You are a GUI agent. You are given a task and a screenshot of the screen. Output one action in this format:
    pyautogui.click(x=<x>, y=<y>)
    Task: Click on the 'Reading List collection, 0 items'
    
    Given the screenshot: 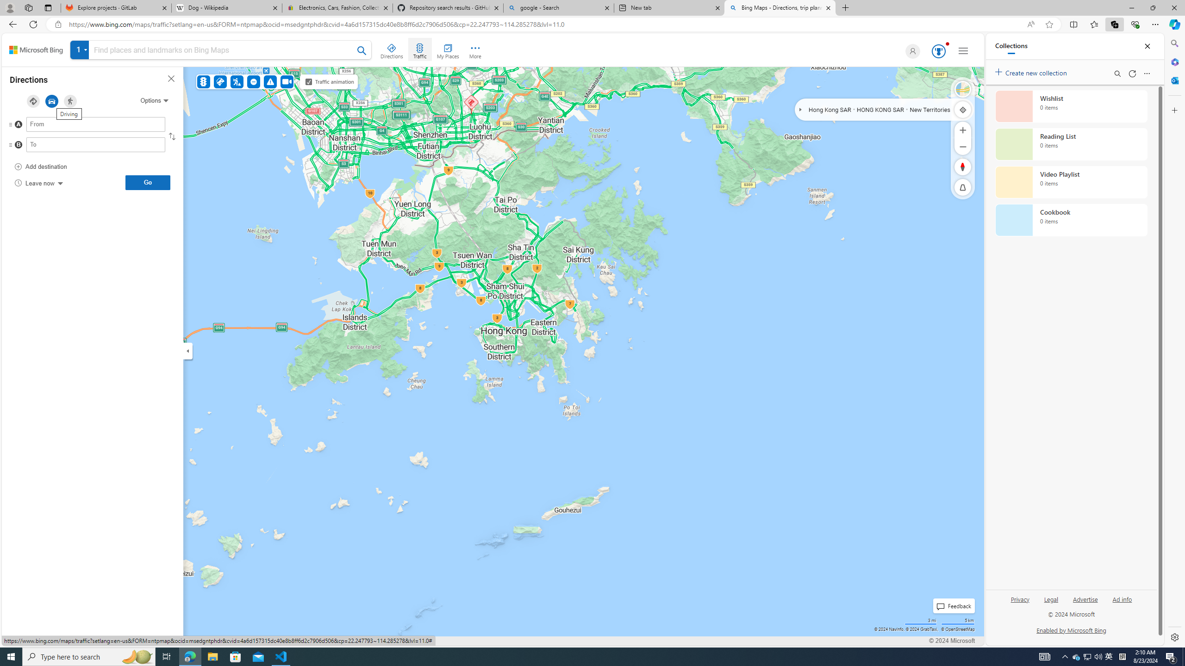 What is the action you would take?
    pyautogui.click(x=1071, y=143)
    